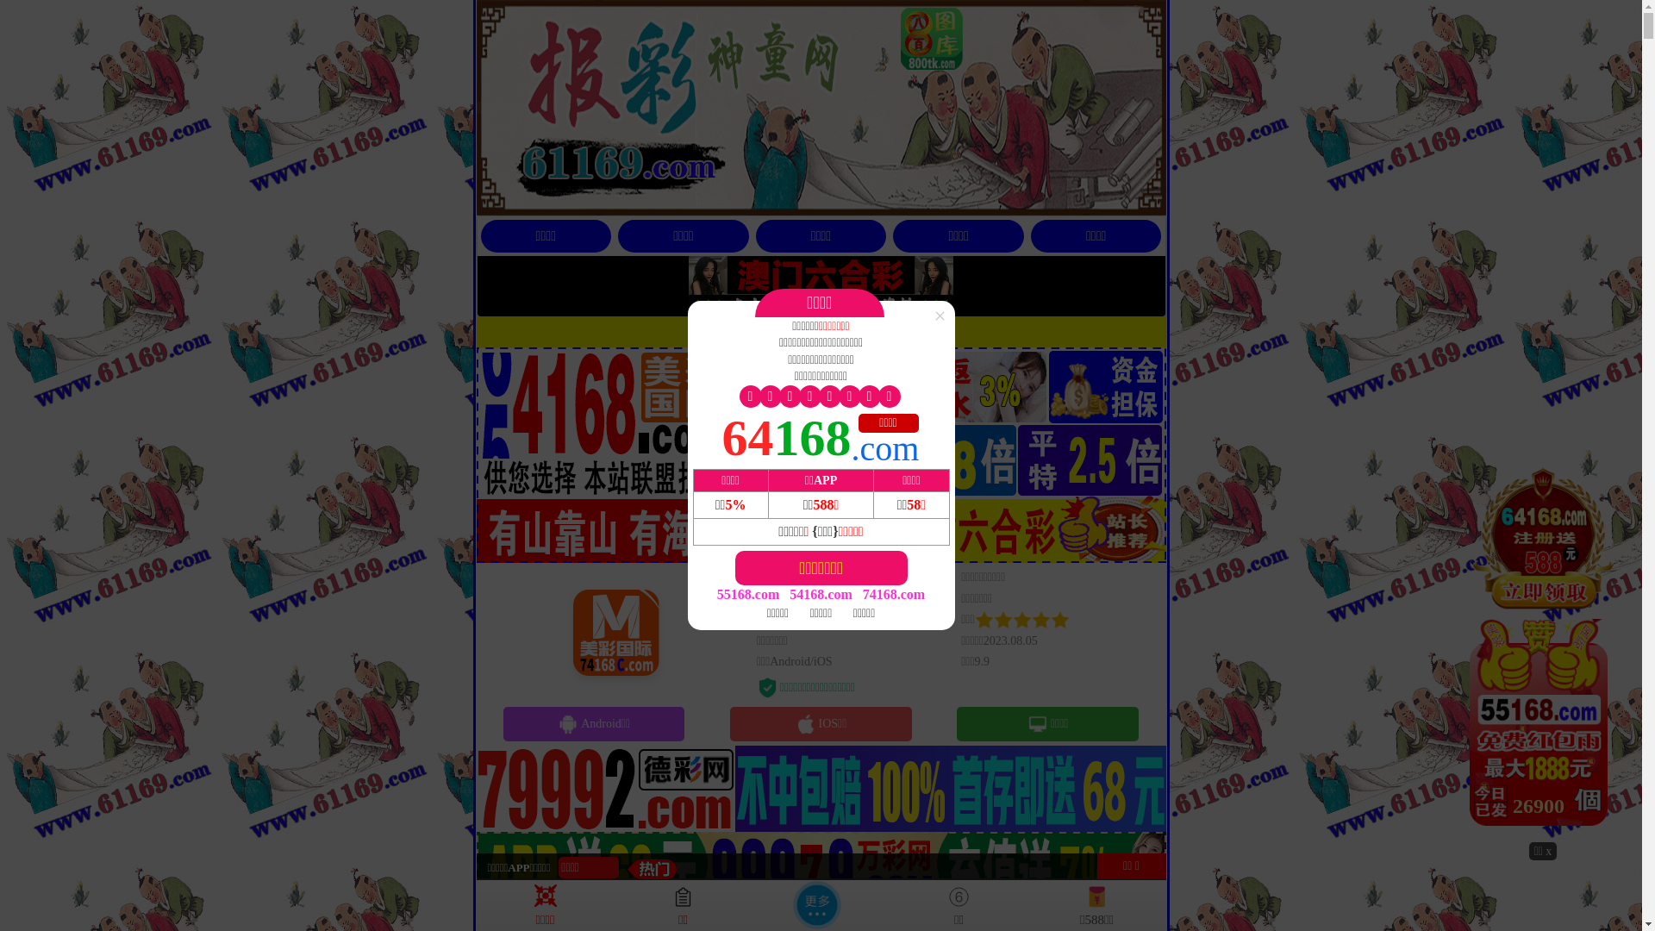  What do you see at coordinates (1543, 652) in the screenshot?
I see `'27102'` at bounding box center [1543, 652].